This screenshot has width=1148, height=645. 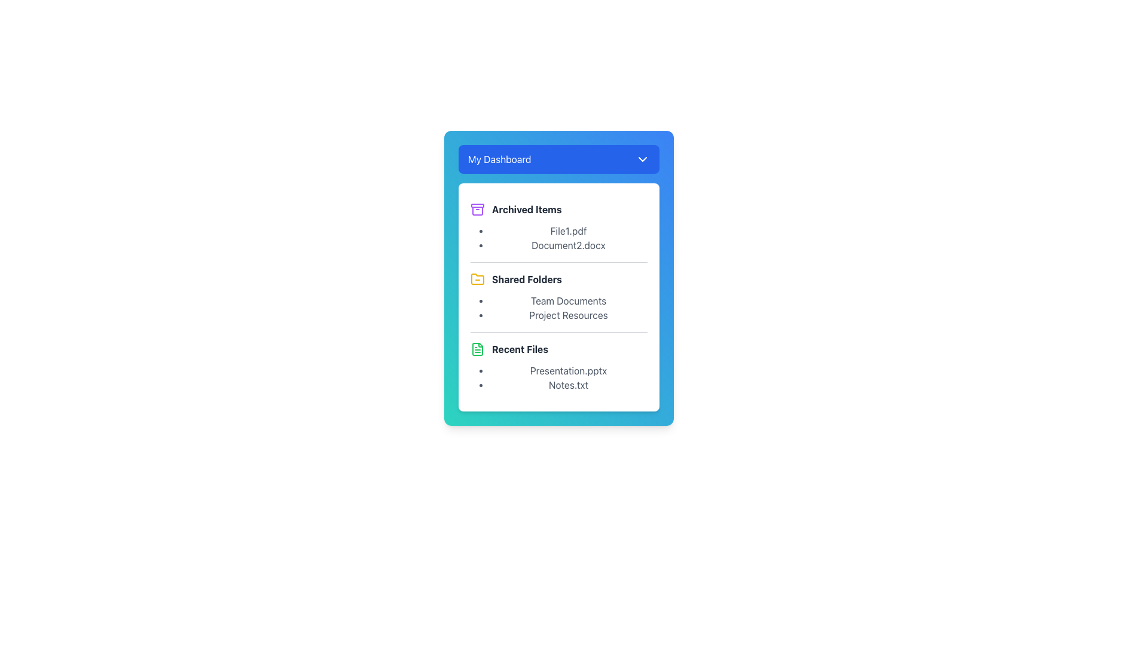 I want to click on the text label 'Archived Items' located in the 'My Dashboard' card, which is identified by a purple archive icon at the top of the card's main content area, so click(x=526, y=209).